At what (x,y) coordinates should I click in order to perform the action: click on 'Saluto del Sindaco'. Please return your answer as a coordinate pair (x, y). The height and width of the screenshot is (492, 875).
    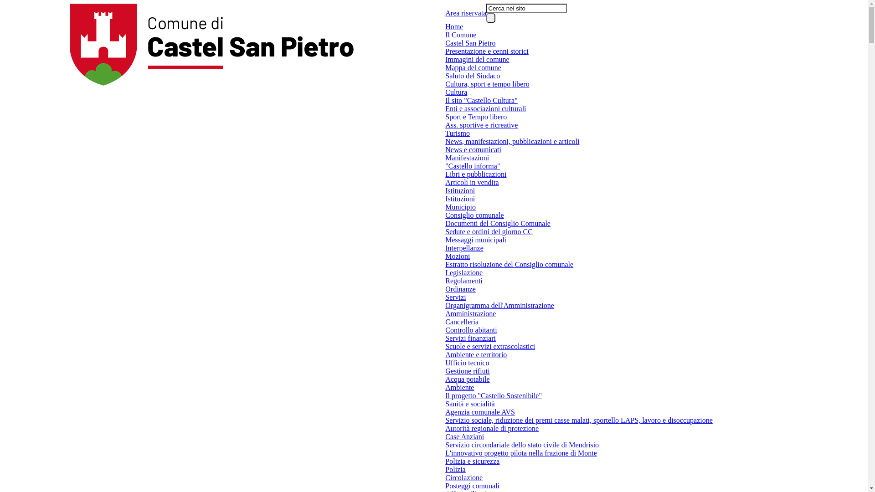
    Looking at the image, I should click on (472, 75).